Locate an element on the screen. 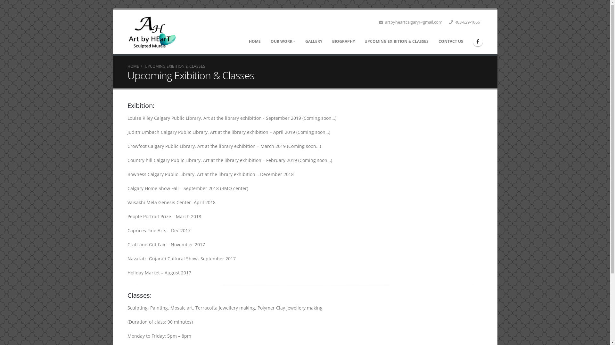  'OUR WORK' is located at coordinates (283, 42).